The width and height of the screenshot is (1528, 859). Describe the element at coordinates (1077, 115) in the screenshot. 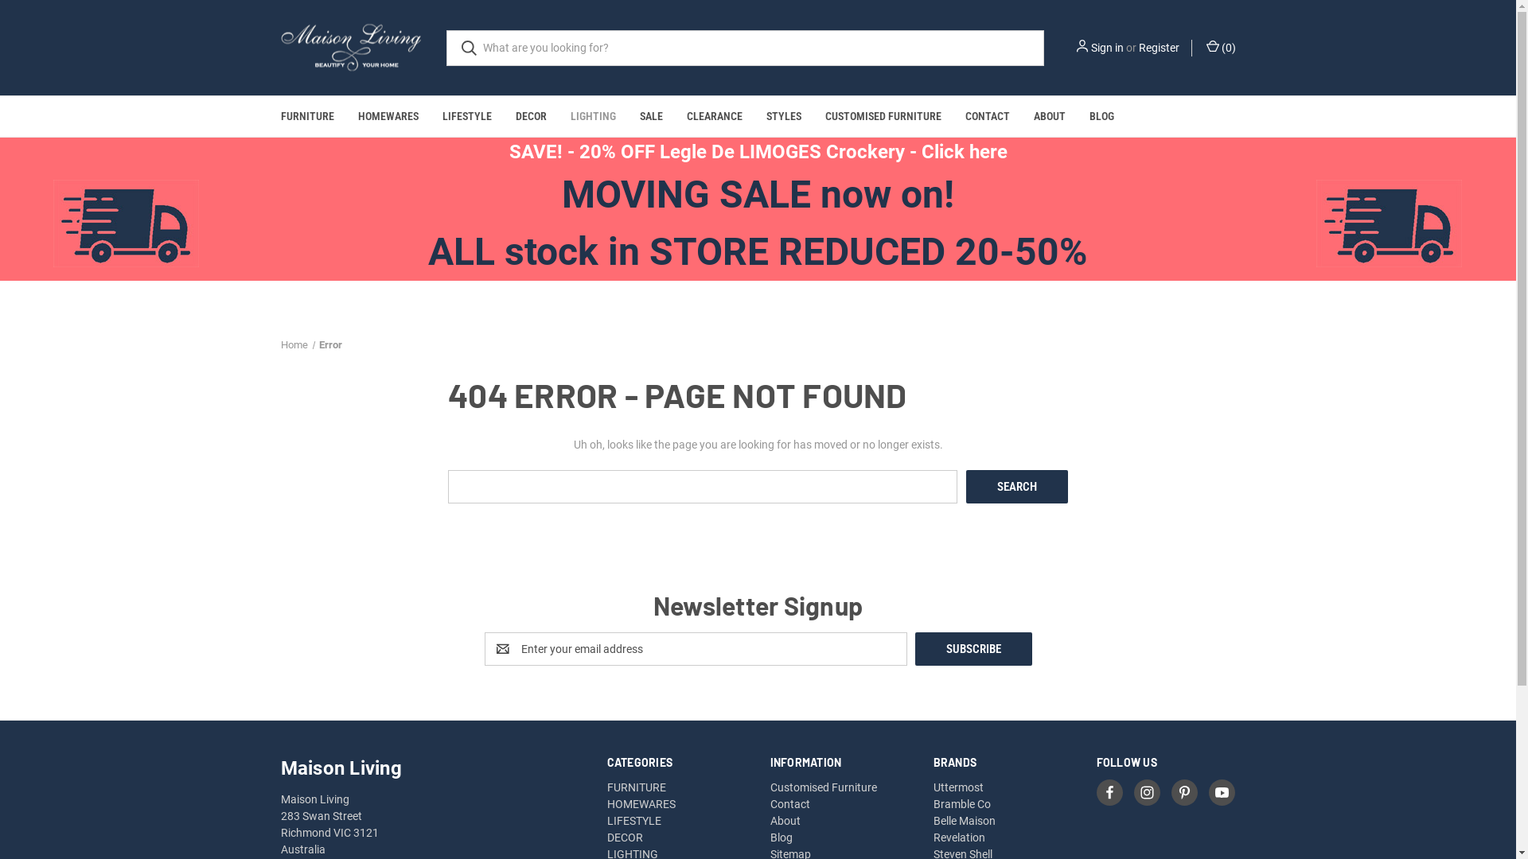

I see `'BLOG'` at that location.